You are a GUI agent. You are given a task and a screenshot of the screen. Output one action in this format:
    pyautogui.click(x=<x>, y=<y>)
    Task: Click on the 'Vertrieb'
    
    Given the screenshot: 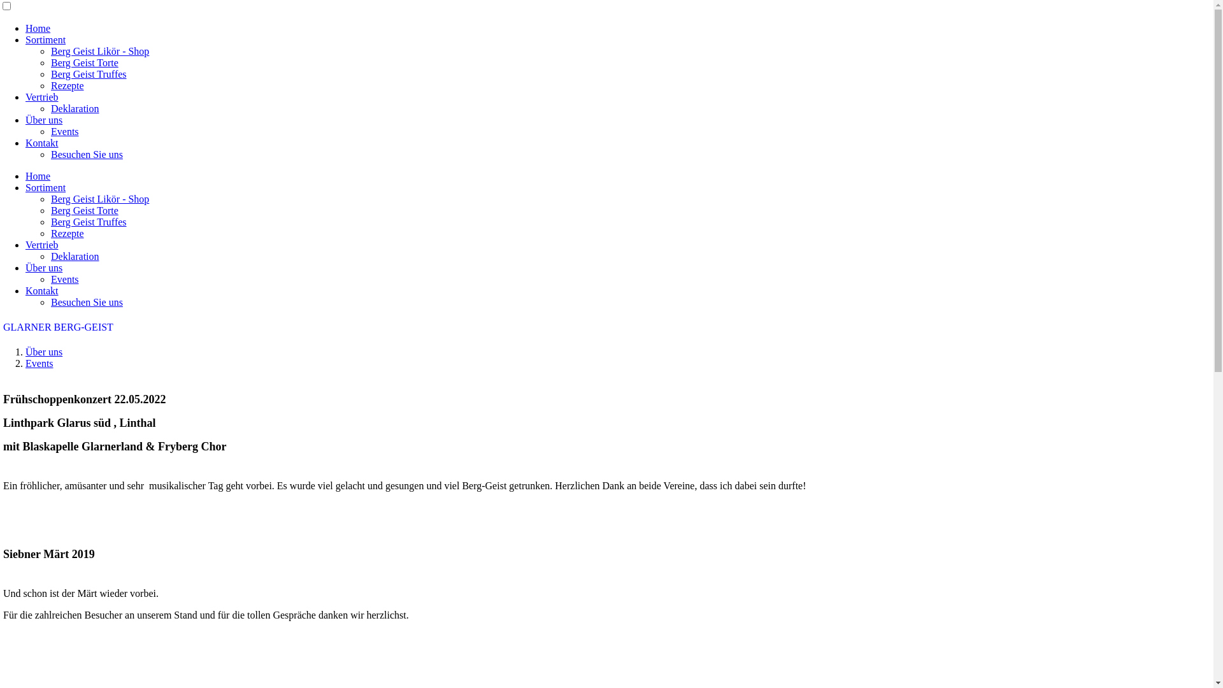 What is the action you would take?
    pyautogui.click(x=42, y=245)
    